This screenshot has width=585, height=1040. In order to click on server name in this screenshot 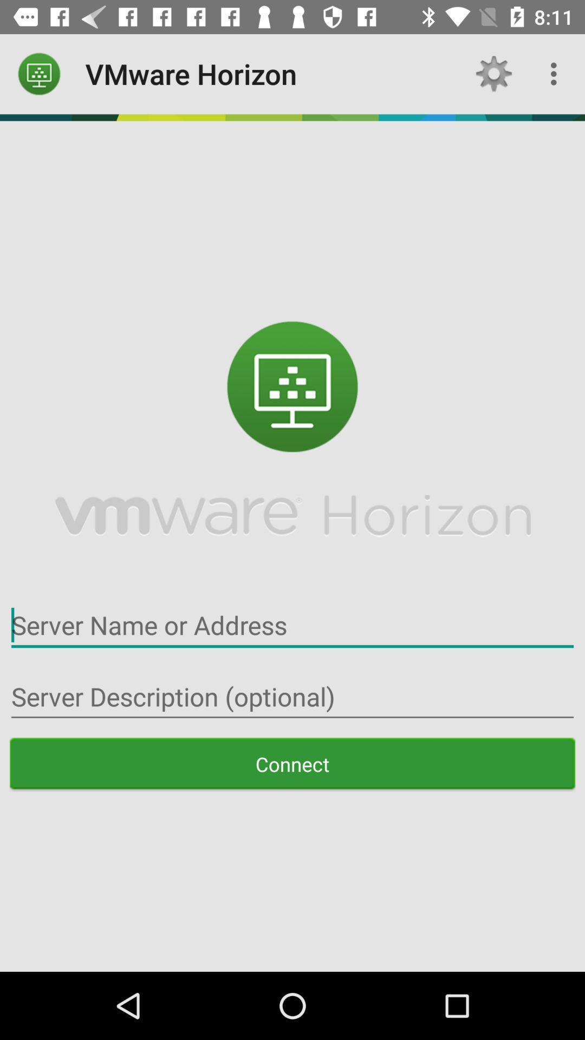, I will do `click(292, 626)`.